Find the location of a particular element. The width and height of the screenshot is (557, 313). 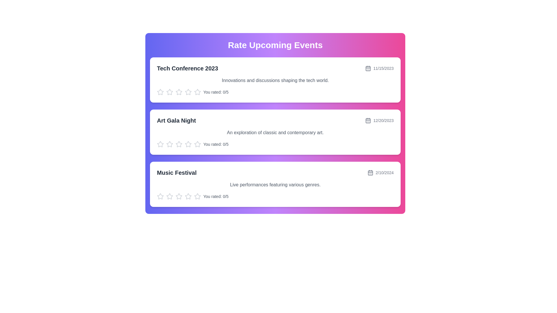

the first star icon in the 'Art Gala Night' section is located at coordinates (160, 144).